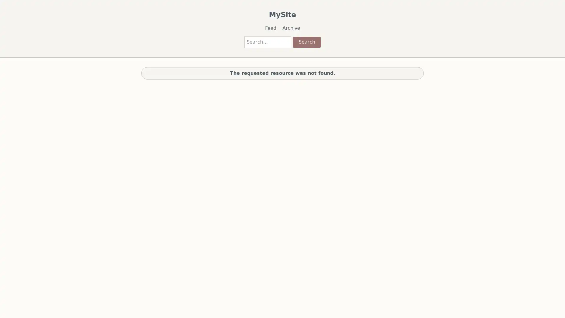  Describe the element at coordinates (306, 42) in the screenshot. I see `Search` at that location.